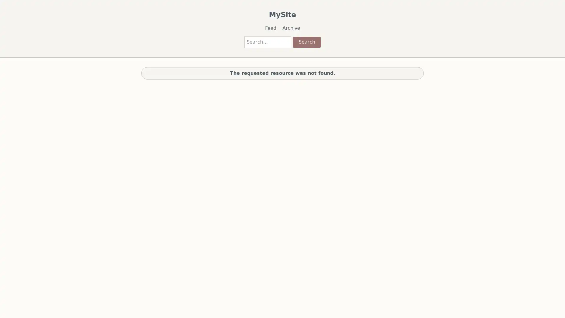  Describe the element at coordinates (306, 42) in the screenshot. I see `Search` at that location.